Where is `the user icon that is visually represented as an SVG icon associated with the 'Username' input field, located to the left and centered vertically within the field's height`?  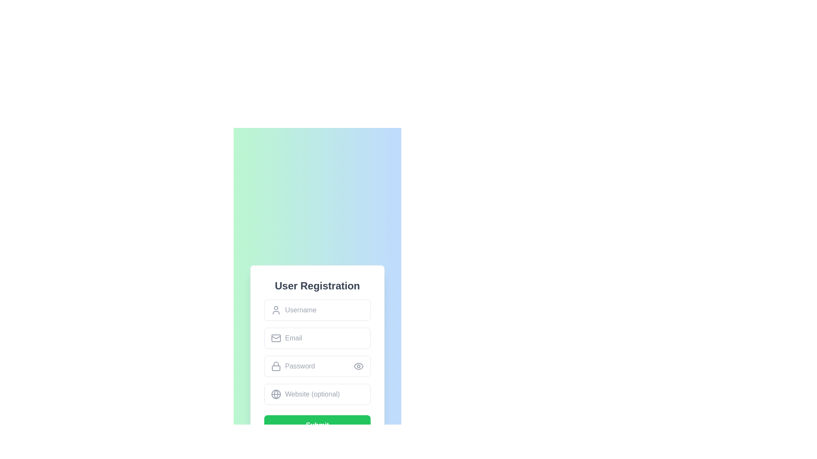
the user icon that is visually represented as an SVG icon associated with the 'Username' input field, located to the left and centered vertically within the field's height is located at coordinates (276, 310).